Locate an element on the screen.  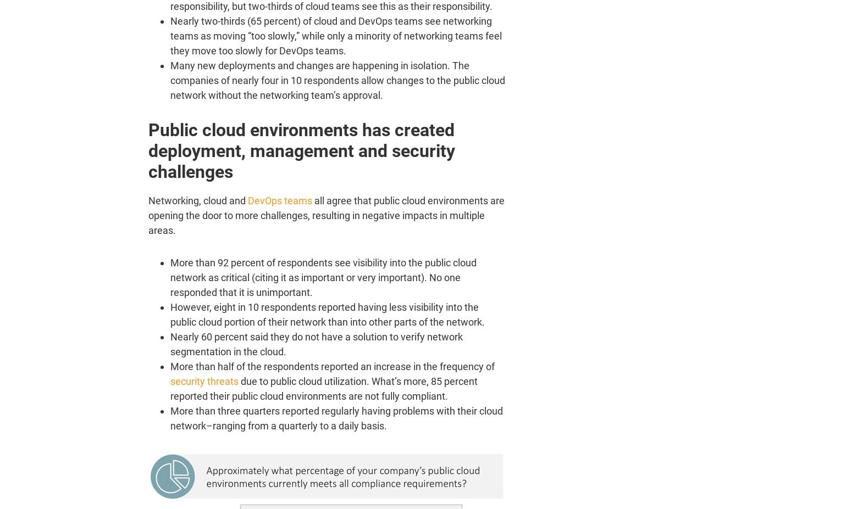
'Public cloud environments has created deployment, management and security challenges' is located at coordinates (302, 151).